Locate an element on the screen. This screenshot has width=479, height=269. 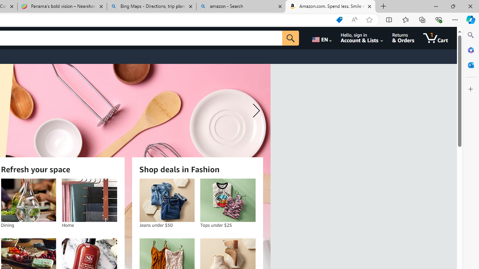
'Returns & Orders' is located at coordinates (403, 38).